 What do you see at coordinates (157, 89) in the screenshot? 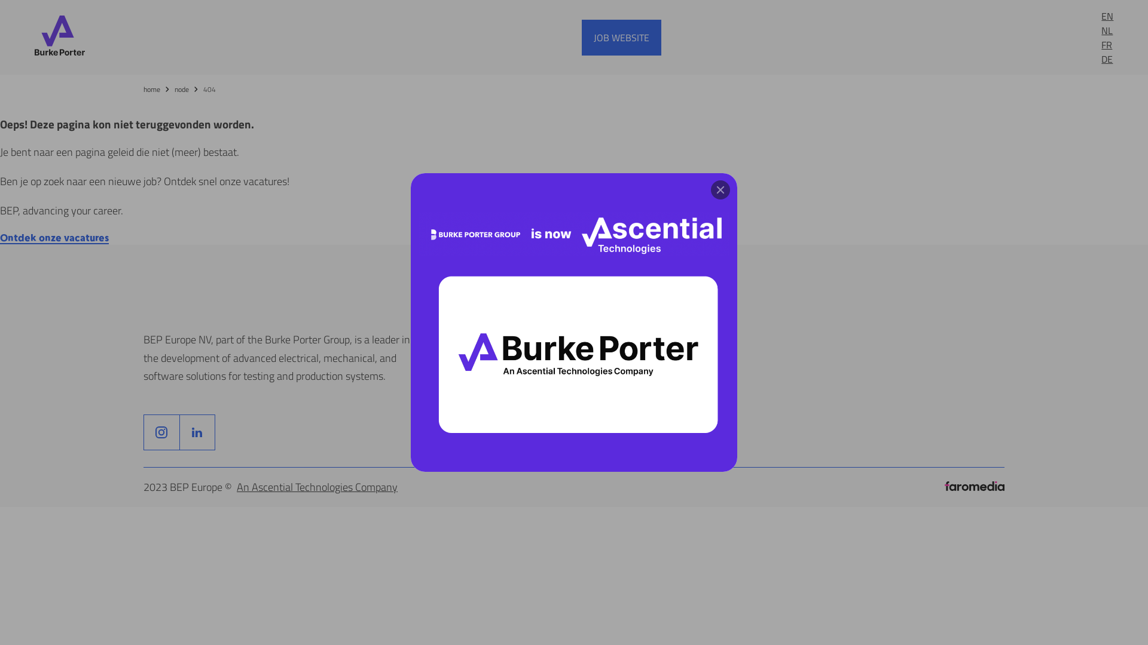
I see `'home'` at bounding box center [157, 89].